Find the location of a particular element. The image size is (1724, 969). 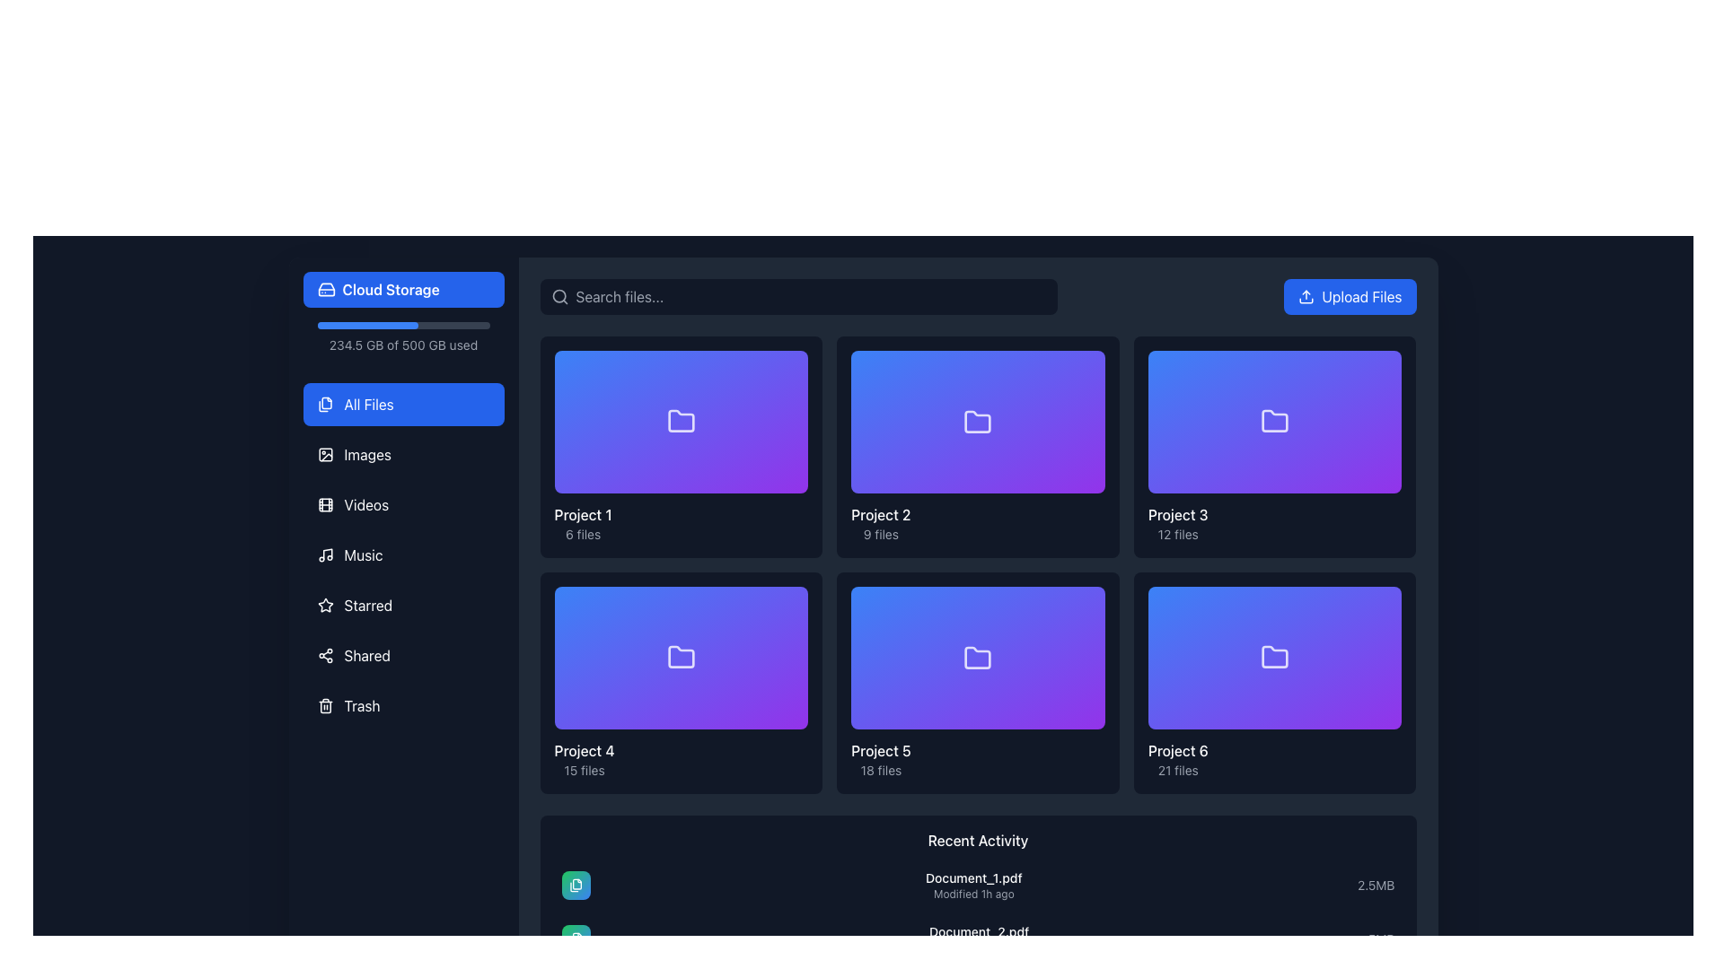

the text label displaying 'Project 1' is located at coordinates (583, 515).